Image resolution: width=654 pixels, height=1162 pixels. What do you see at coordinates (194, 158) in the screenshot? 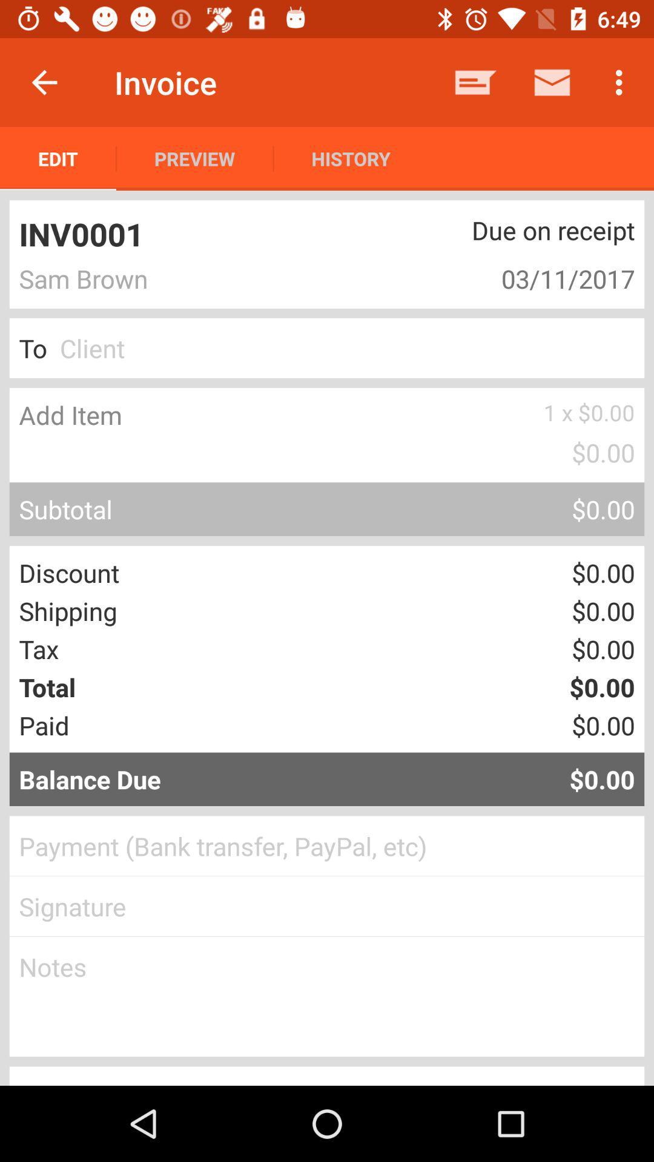
I see `app next to the edit app` at bounding box center [194, 158].